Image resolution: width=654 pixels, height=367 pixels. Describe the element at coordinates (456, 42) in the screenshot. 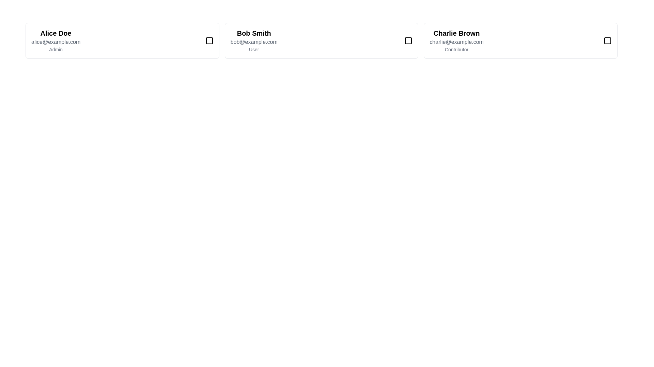

I see `the text element displaying 'charlie@example.com', which is positioned beneath the name 'Charlie Brown' and above the label 'Contributor' within the card layout` at that location.